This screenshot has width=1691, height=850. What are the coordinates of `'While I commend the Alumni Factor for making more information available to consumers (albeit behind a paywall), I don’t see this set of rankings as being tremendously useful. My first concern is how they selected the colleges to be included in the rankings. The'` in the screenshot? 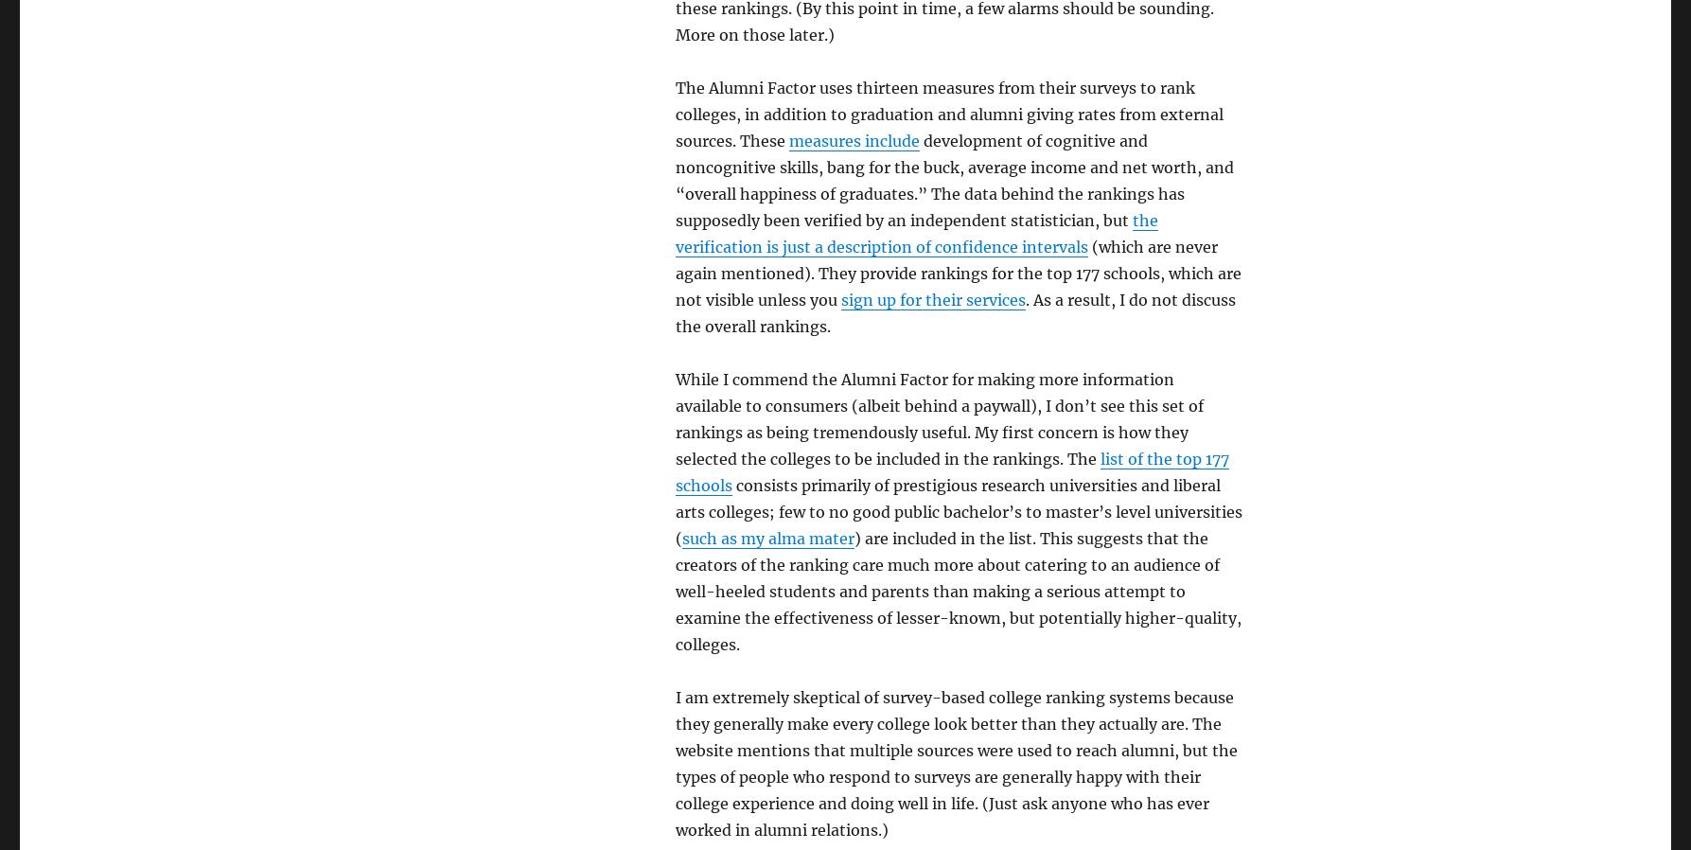 It's located at (937, 418).